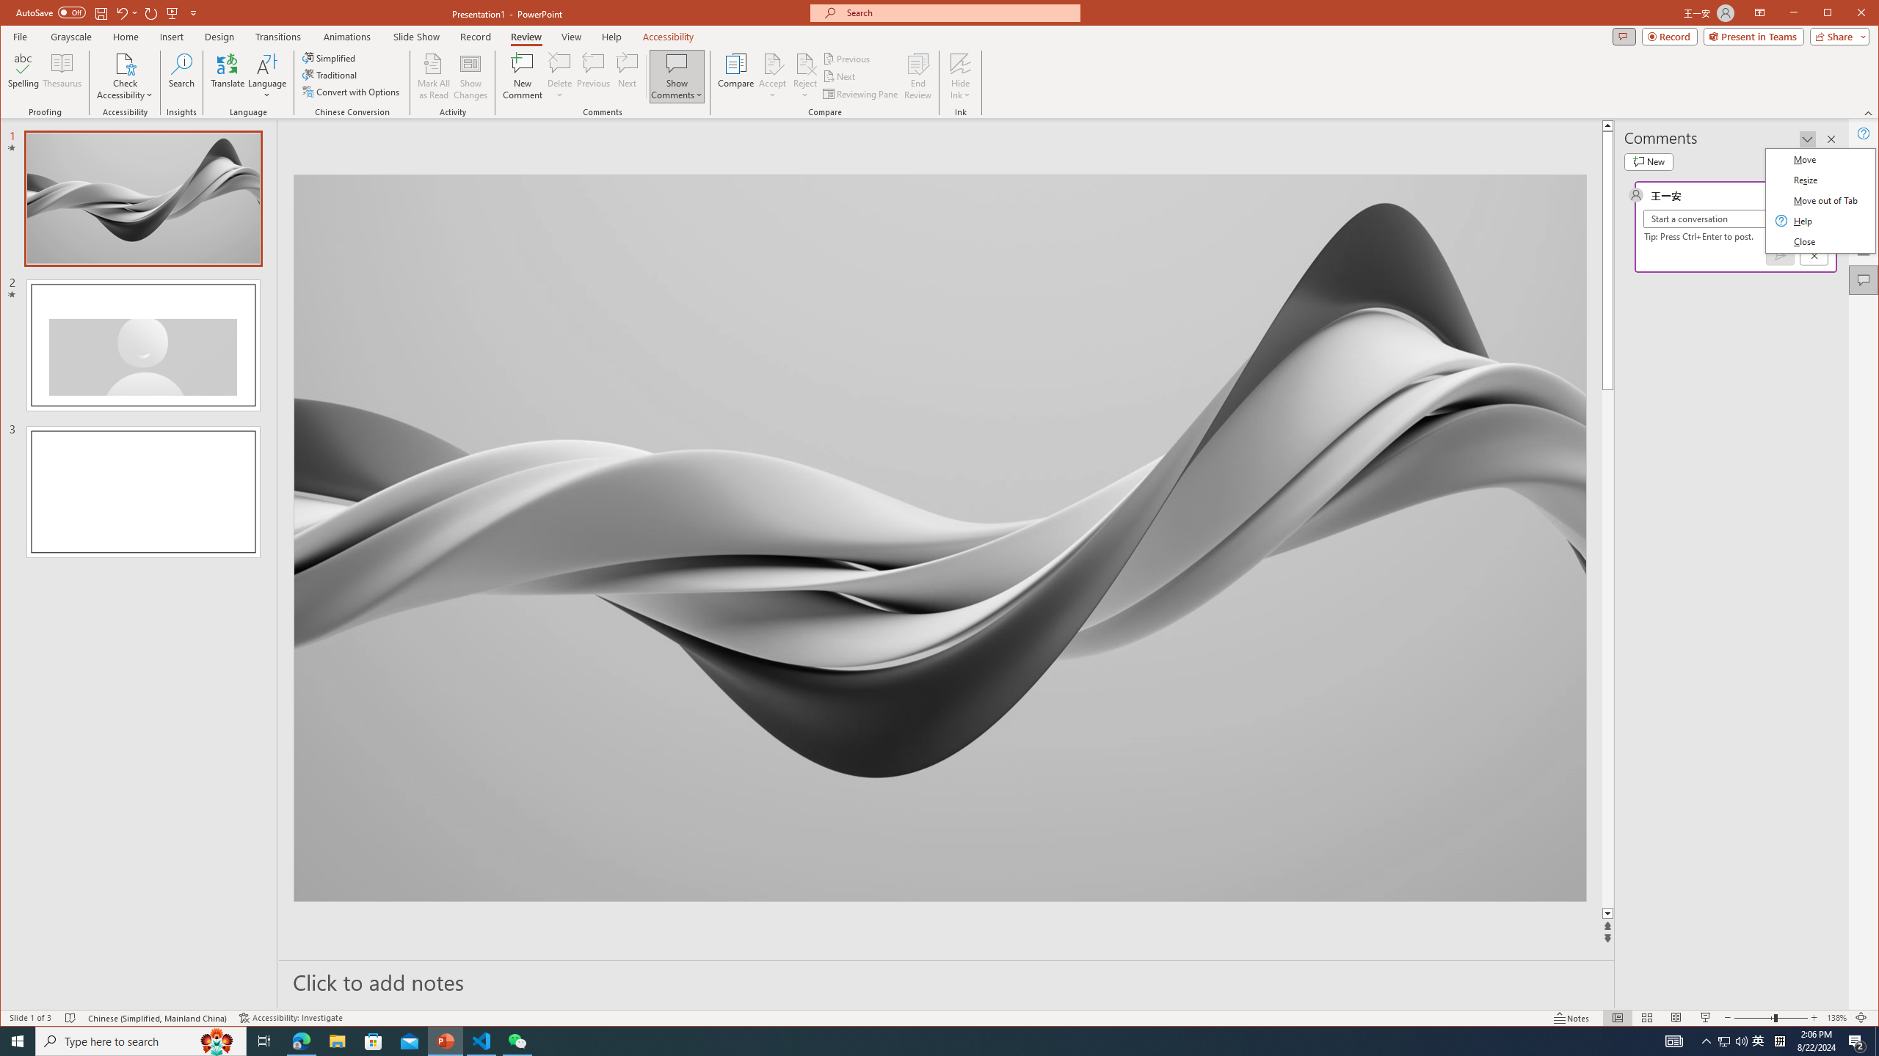 The width and height of the screenshot is (1879, 1056). Describe the element at coordinates (263, 1040) in the screenshot. I see `'Task View'` at that location.